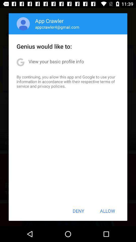 This screenshot has width=136, height=242. I want to click on the app to the left of the app crawler icon, so click(23, 24).